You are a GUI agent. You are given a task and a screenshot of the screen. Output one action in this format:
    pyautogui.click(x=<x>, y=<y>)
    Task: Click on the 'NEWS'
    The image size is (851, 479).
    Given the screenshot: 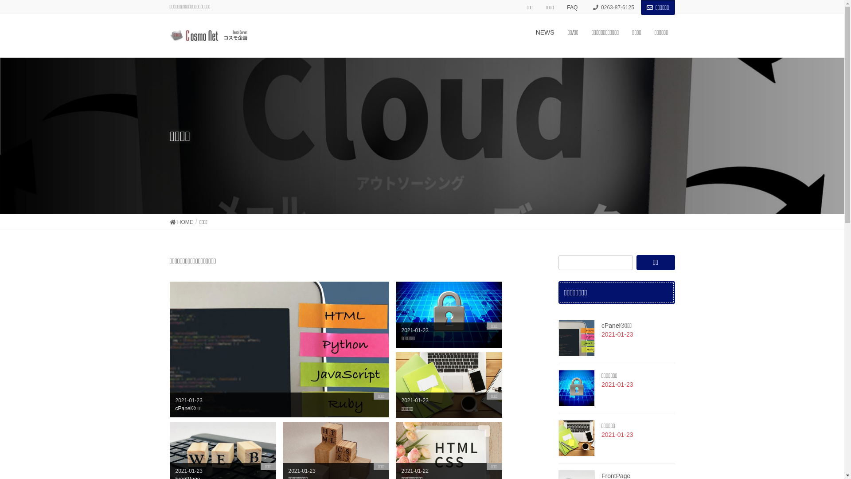 What is the action you would take?
    pyautogui.click(x=544, y=32)
    